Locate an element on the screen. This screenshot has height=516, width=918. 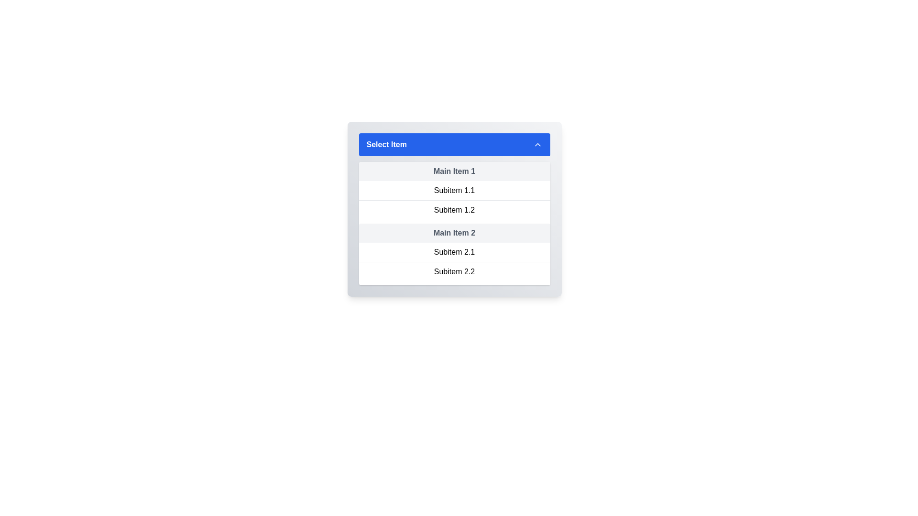
to select the text-based list item labeled 'Subitem 1.2' in the dropdown menu under 'Main Item 1' is located at coordinates (454, 209).